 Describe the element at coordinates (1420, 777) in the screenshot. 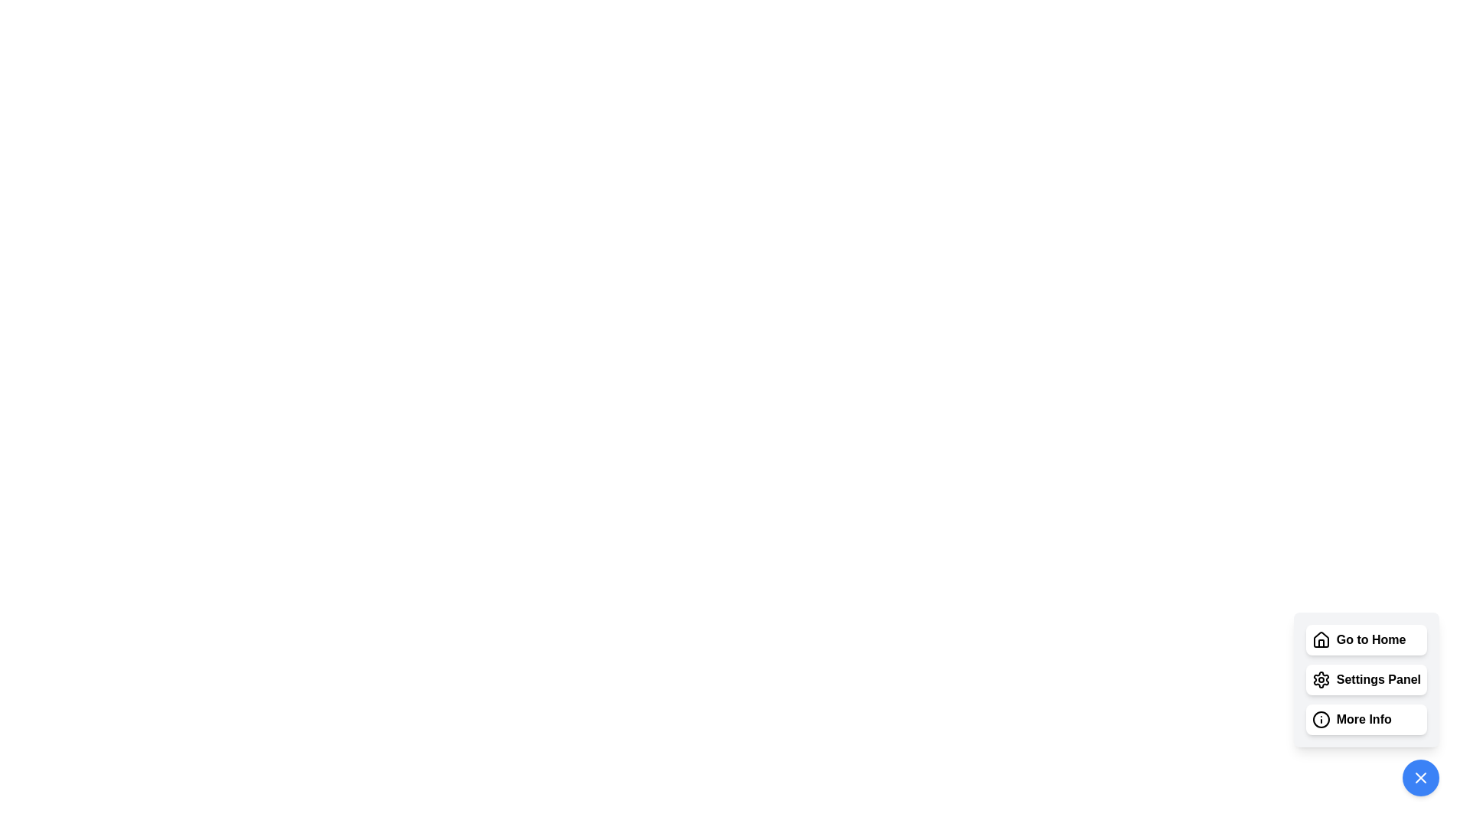

I see `the close or cancel button located at the bottom-right corner of the interface` at that location.